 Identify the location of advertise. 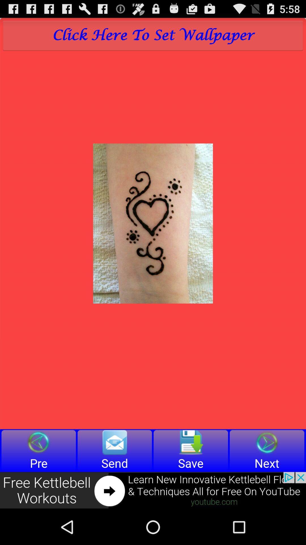
(153, 490).